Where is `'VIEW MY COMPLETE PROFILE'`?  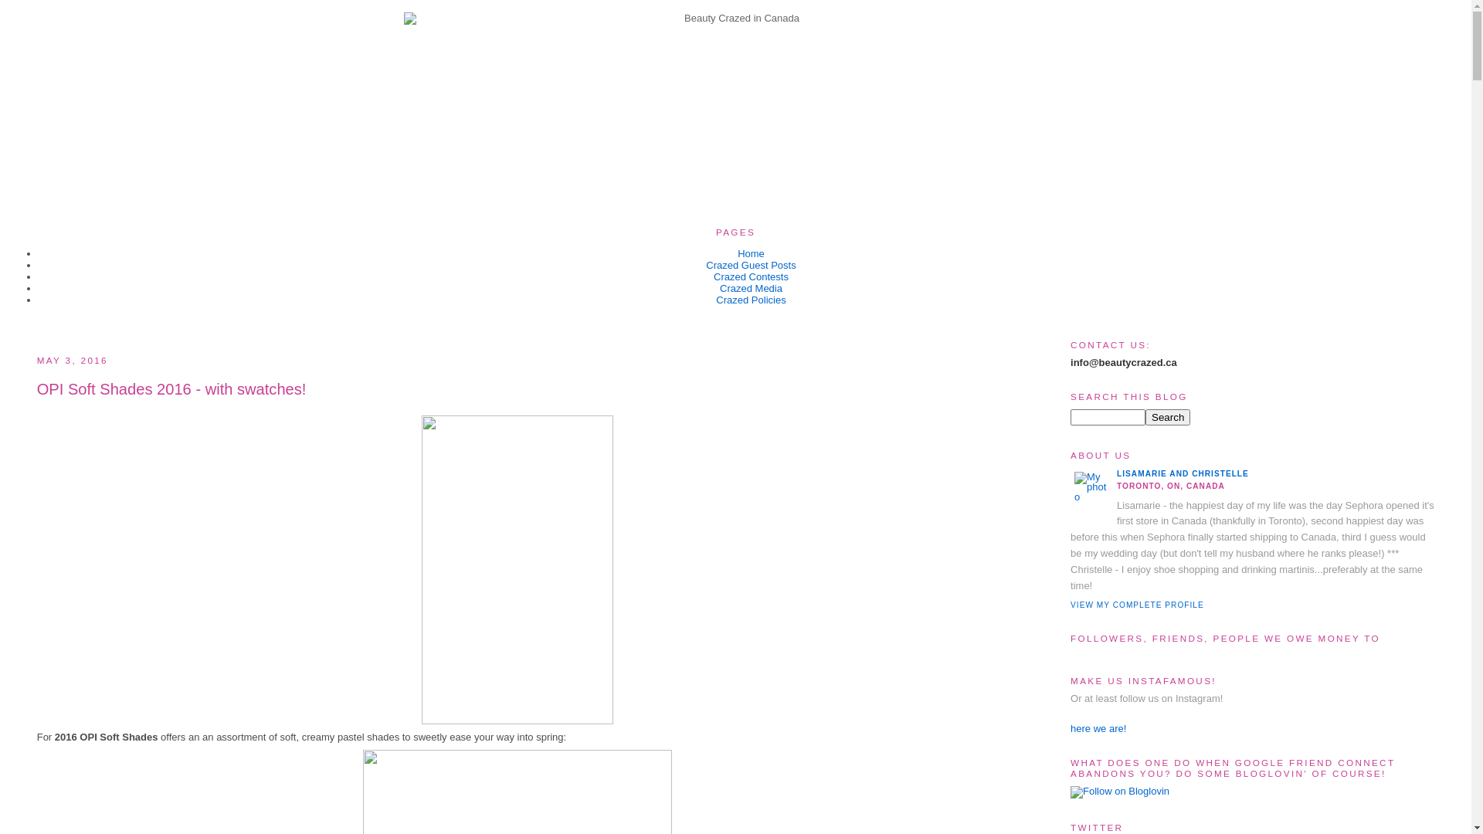 'VIEW MY COMPLETE PROFILE' is located at coordinates (1070, 604).